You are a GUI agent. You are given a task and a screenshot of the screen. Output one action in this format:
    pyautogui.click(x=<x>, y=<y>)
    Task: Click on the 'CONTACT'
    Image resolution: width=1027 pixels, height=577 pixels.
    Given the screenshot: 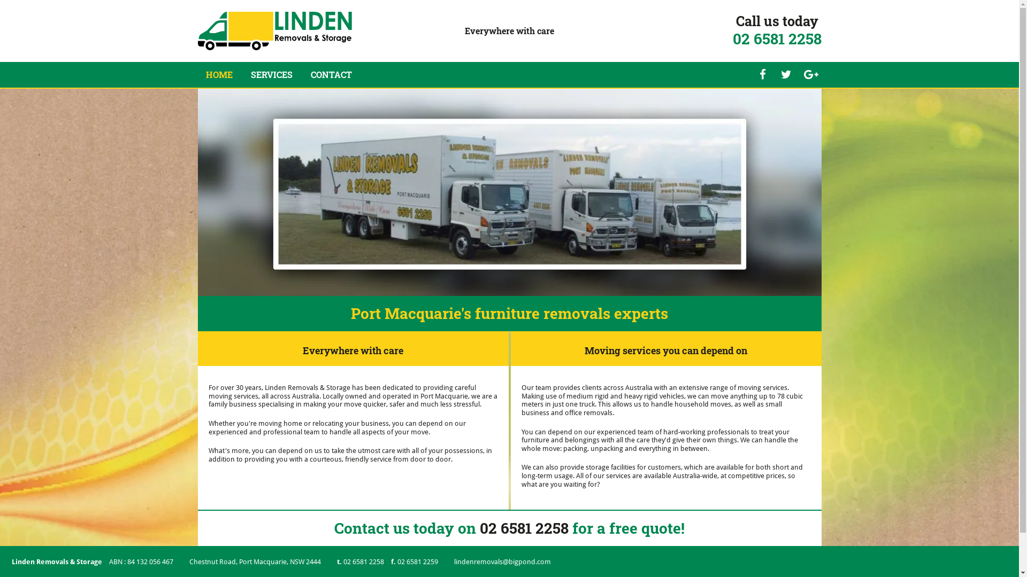 What is the action you would take?
    pyautogui.click(x=330, y=74)
    